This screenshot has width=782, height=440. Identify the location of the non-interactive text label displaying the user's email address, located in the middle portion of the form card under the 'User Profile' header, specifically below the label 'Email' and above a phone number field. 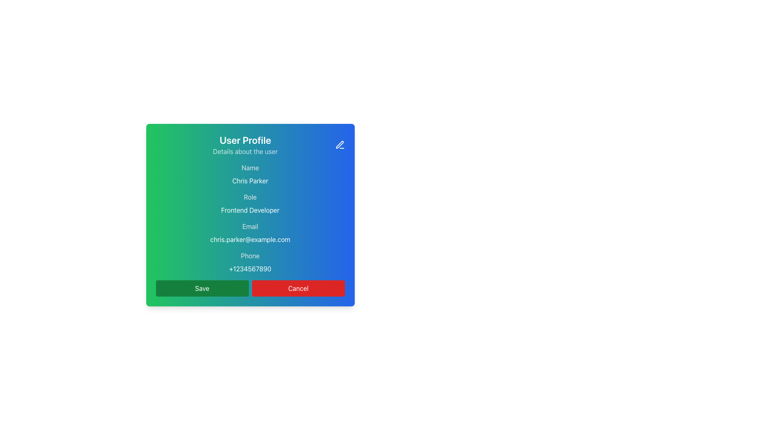
(250, 239).